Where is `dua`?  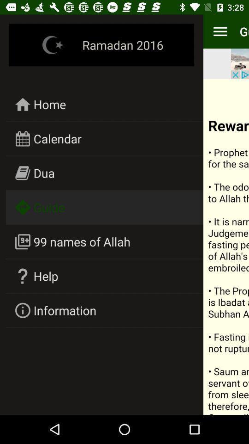 dua is located at coordinates (43, 173).